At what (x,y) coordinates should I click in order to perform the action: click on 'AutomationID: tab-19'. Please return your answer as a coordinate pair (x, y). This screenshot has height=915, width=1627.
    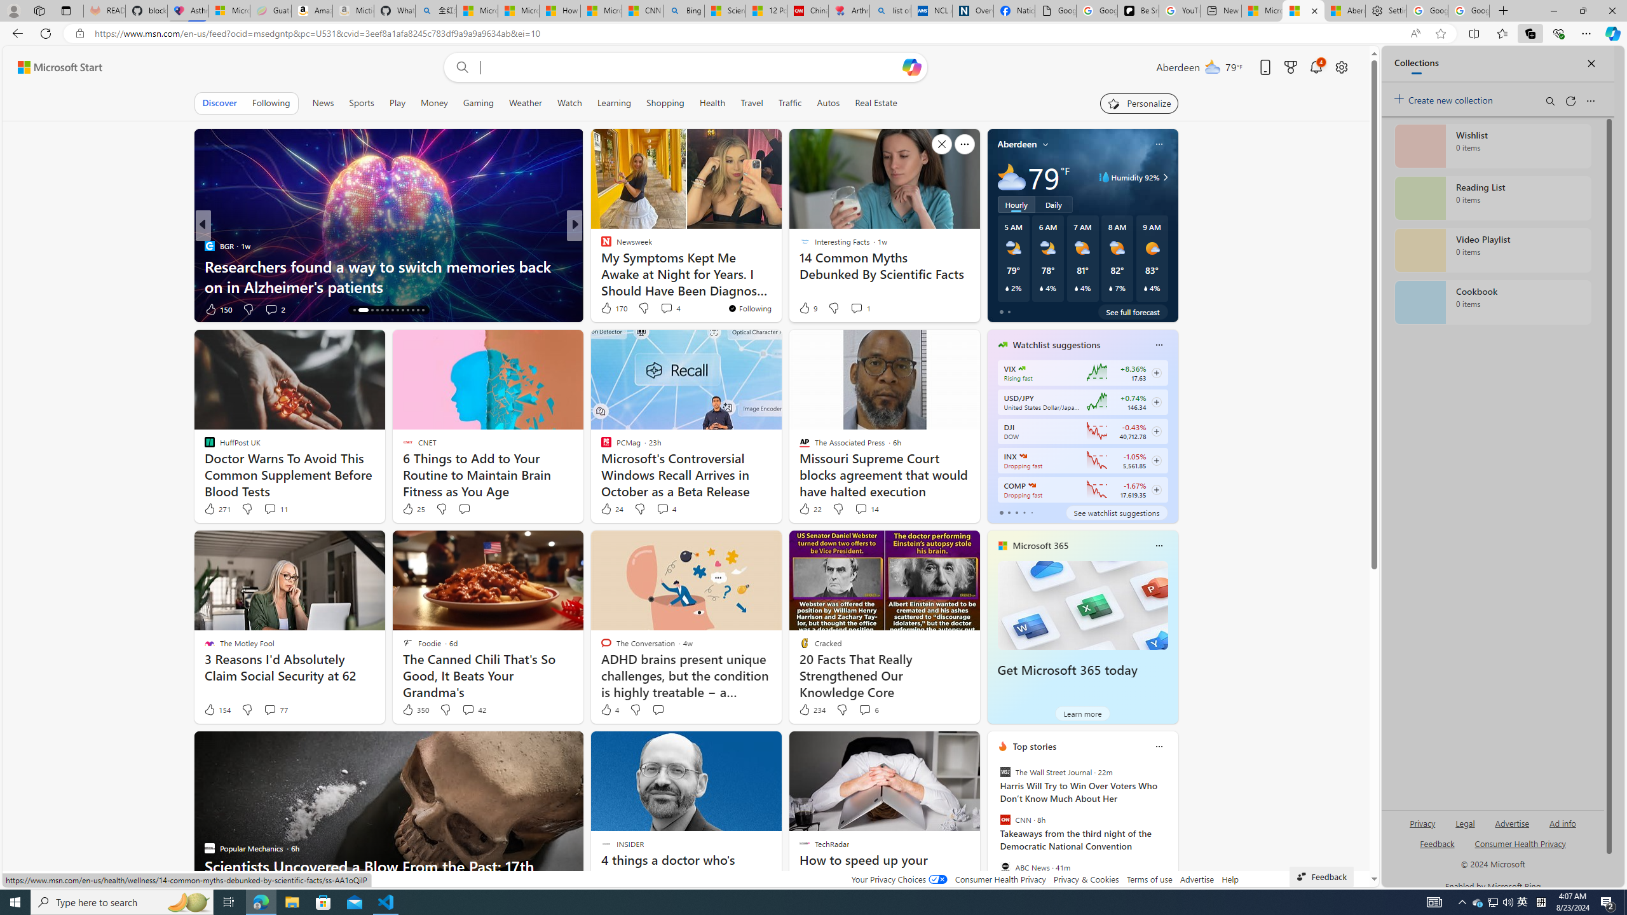
    Looking at the image, I should click on (386, 309).